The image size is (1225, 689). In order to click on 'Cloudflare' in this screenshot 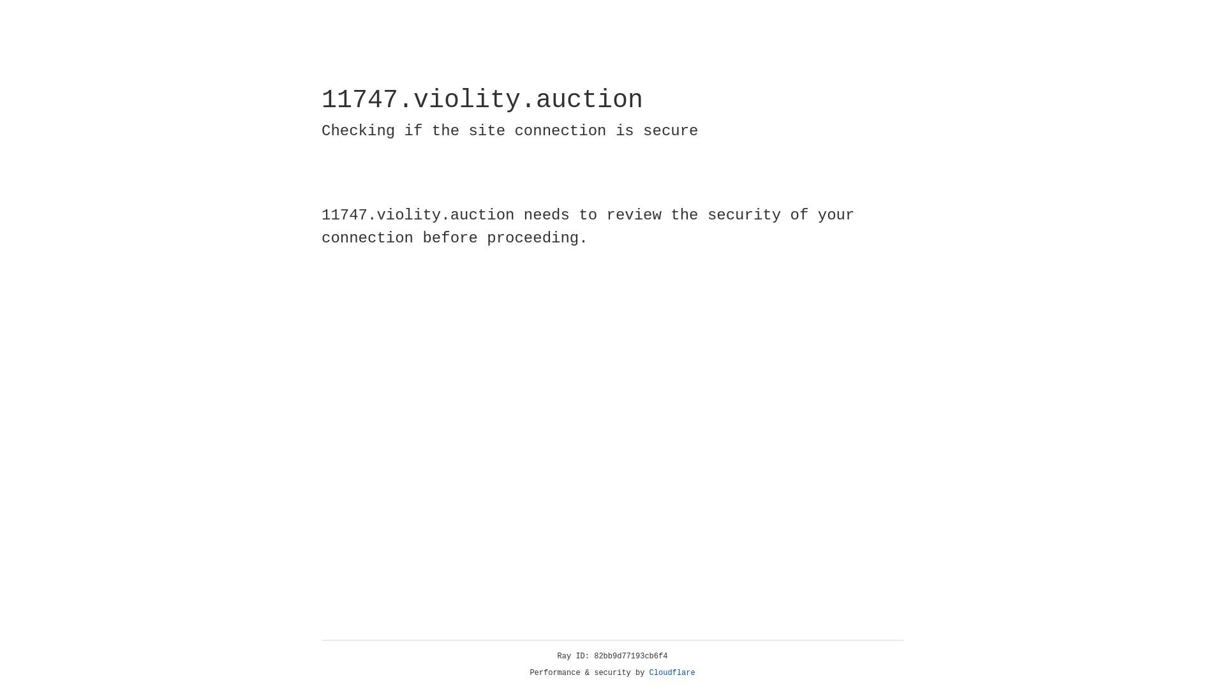, I will do `click(649, 672)`.